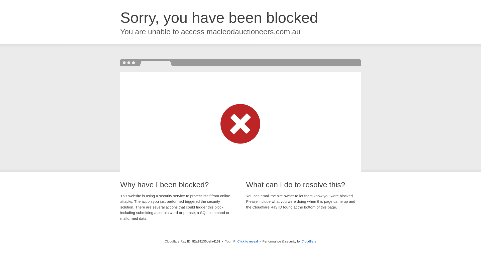 This screenshot has width=481, height=270. Describe the element at coordinates (309, 241) in the screenshot. I see `'Cloudflare'` at that location.